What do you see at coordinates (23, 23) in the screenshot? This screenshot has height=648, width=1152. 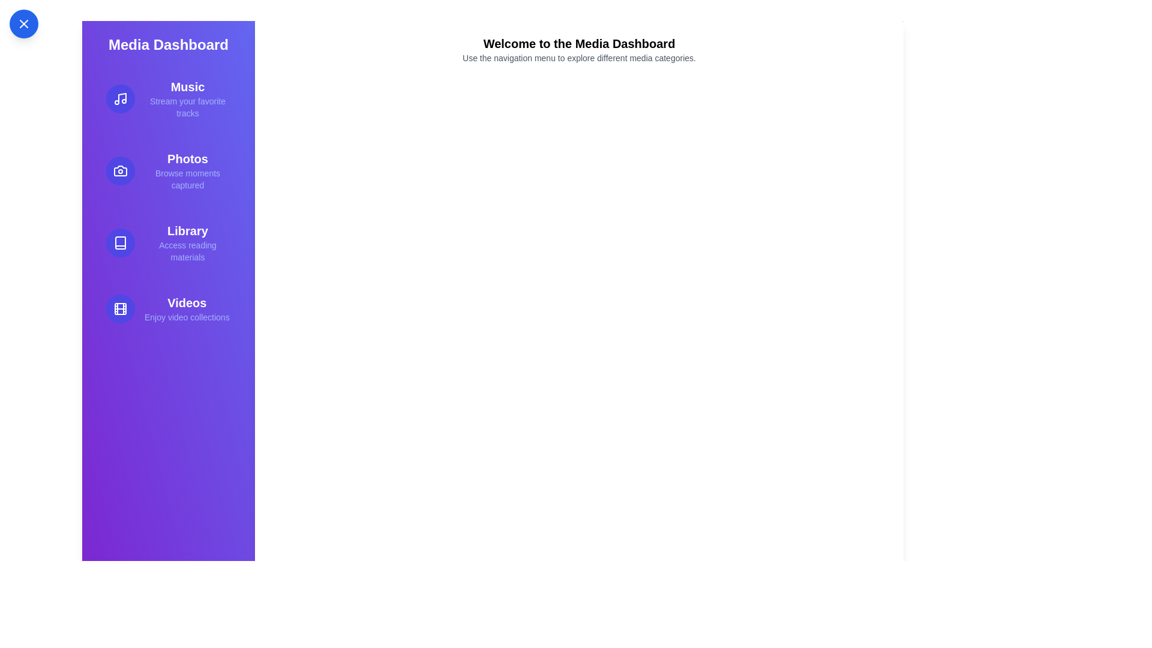 I see `toggle button at the top-left corner to toggle the drawer's visibility` at bounding box center [23, 23].